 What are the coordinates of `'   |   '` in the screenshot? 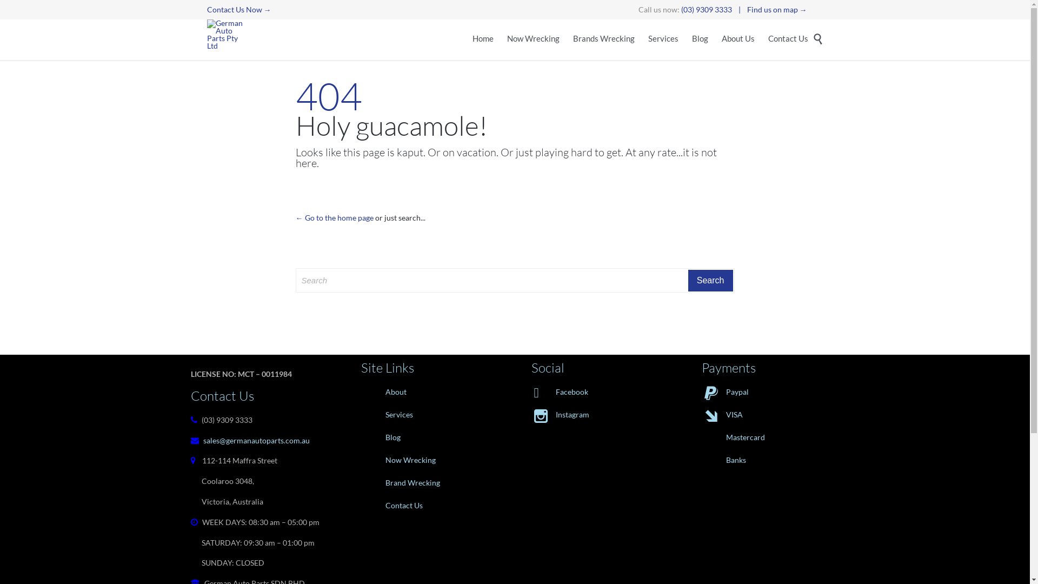 It's located at (739, 9).